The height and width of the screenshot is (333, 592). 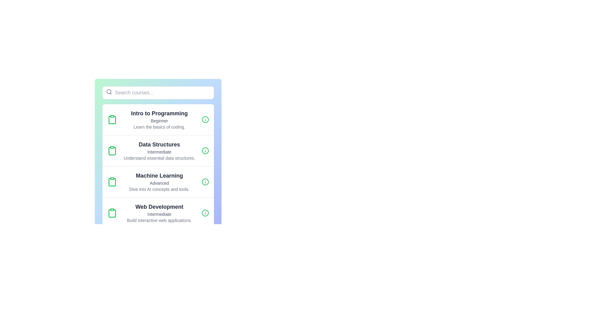 I want to click on the text label displaying 'Learn the basics of coding.' which is located immediately below the 'Beginner' text, so click(x=159, y=127).